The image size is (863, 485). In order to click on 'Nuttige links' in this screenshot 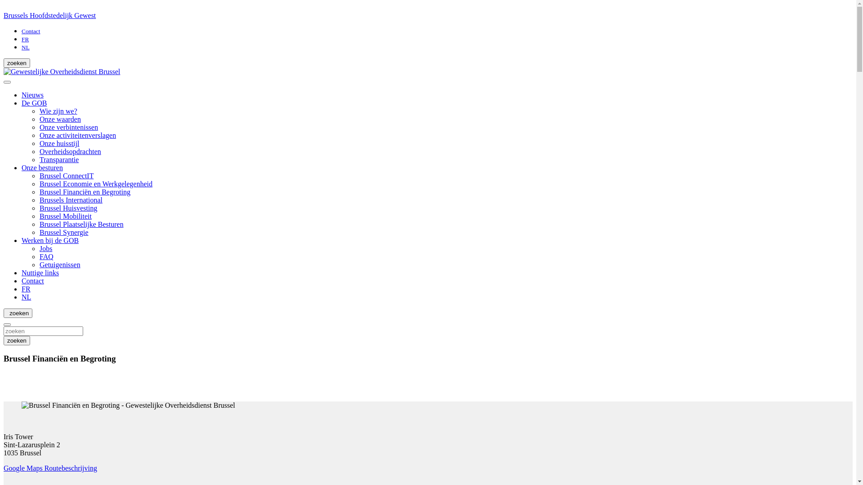, I will do `click(40, 272)`.